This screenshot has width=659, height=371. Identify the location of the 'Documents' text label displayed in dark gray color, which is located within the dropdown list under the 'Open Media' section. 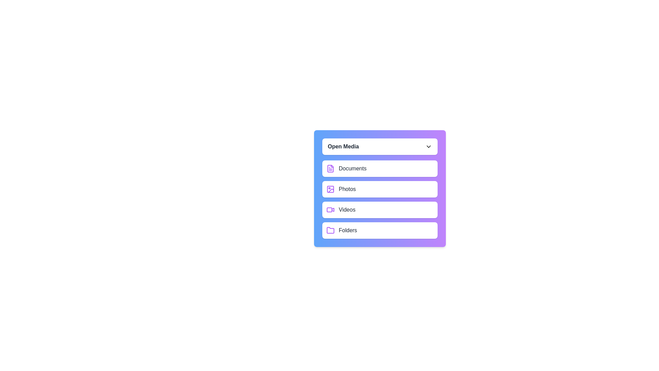
(352, 168).